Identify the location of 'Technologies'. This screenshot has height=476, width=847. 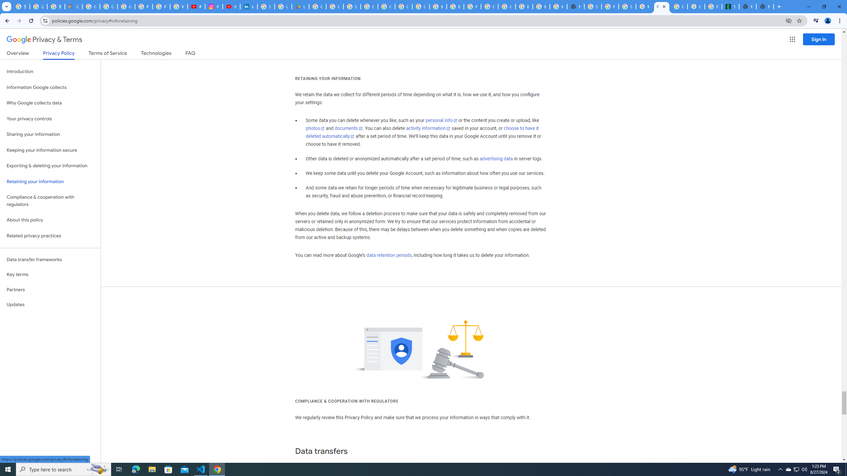
(156, 54).